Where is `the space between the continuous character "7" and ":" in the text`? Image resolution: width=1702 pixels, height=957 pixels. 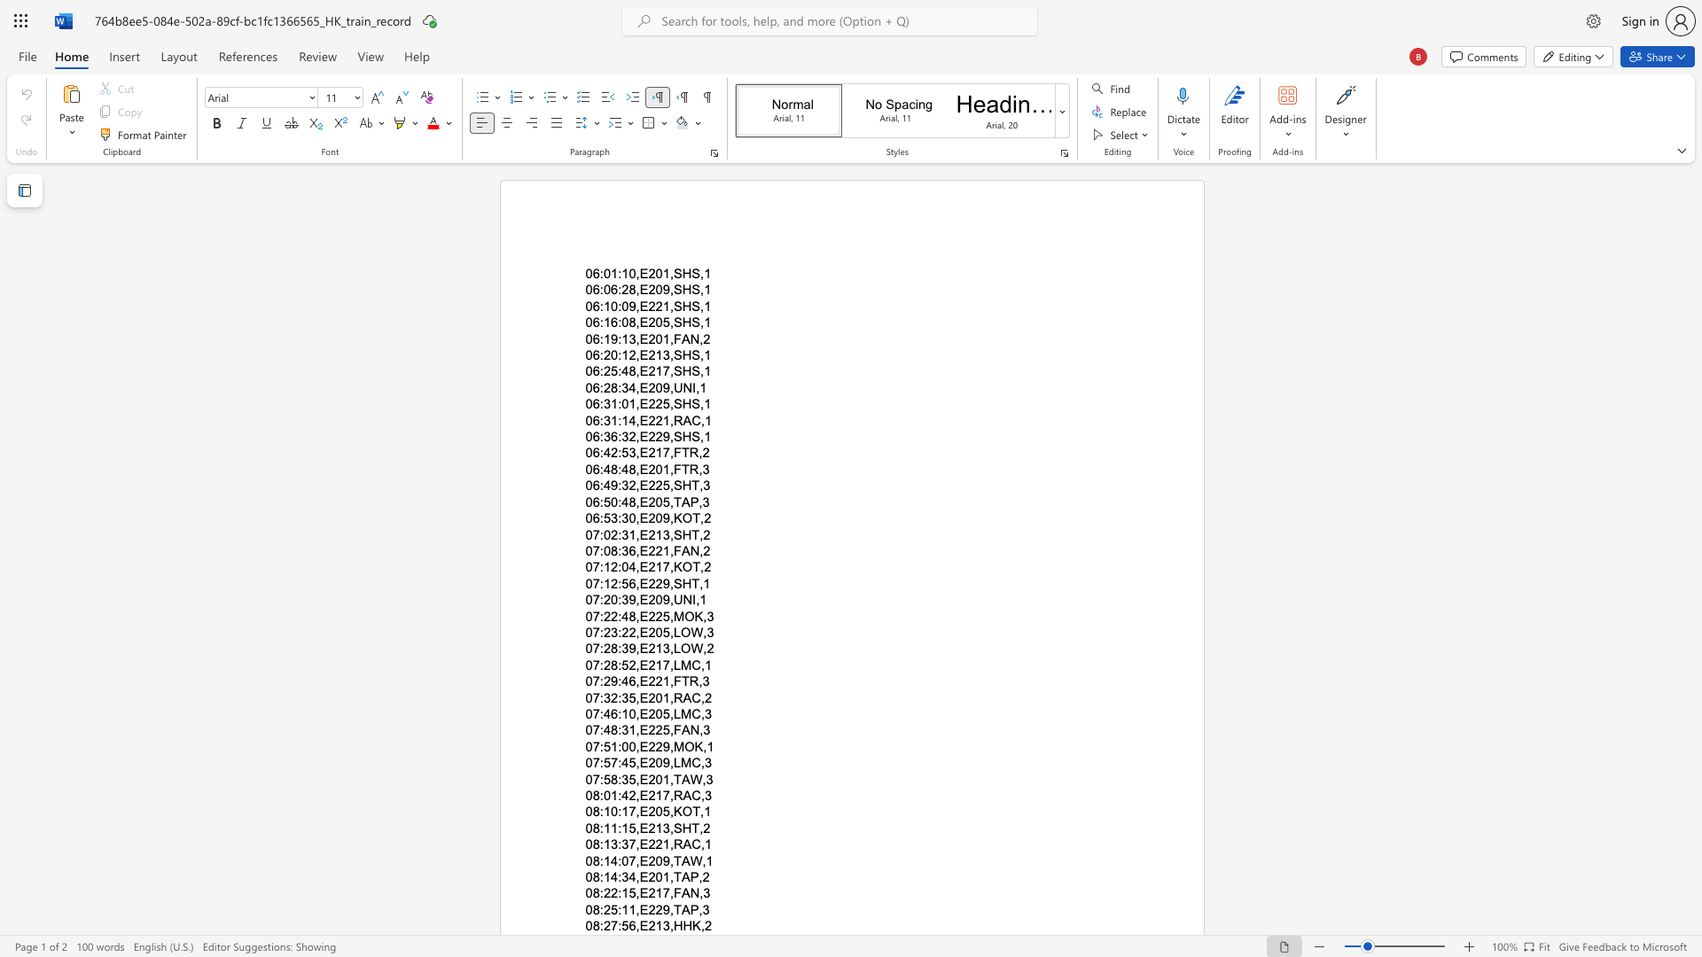
the space between the continuous character "7" and ":" in the text is located at coordinates (598, 730).